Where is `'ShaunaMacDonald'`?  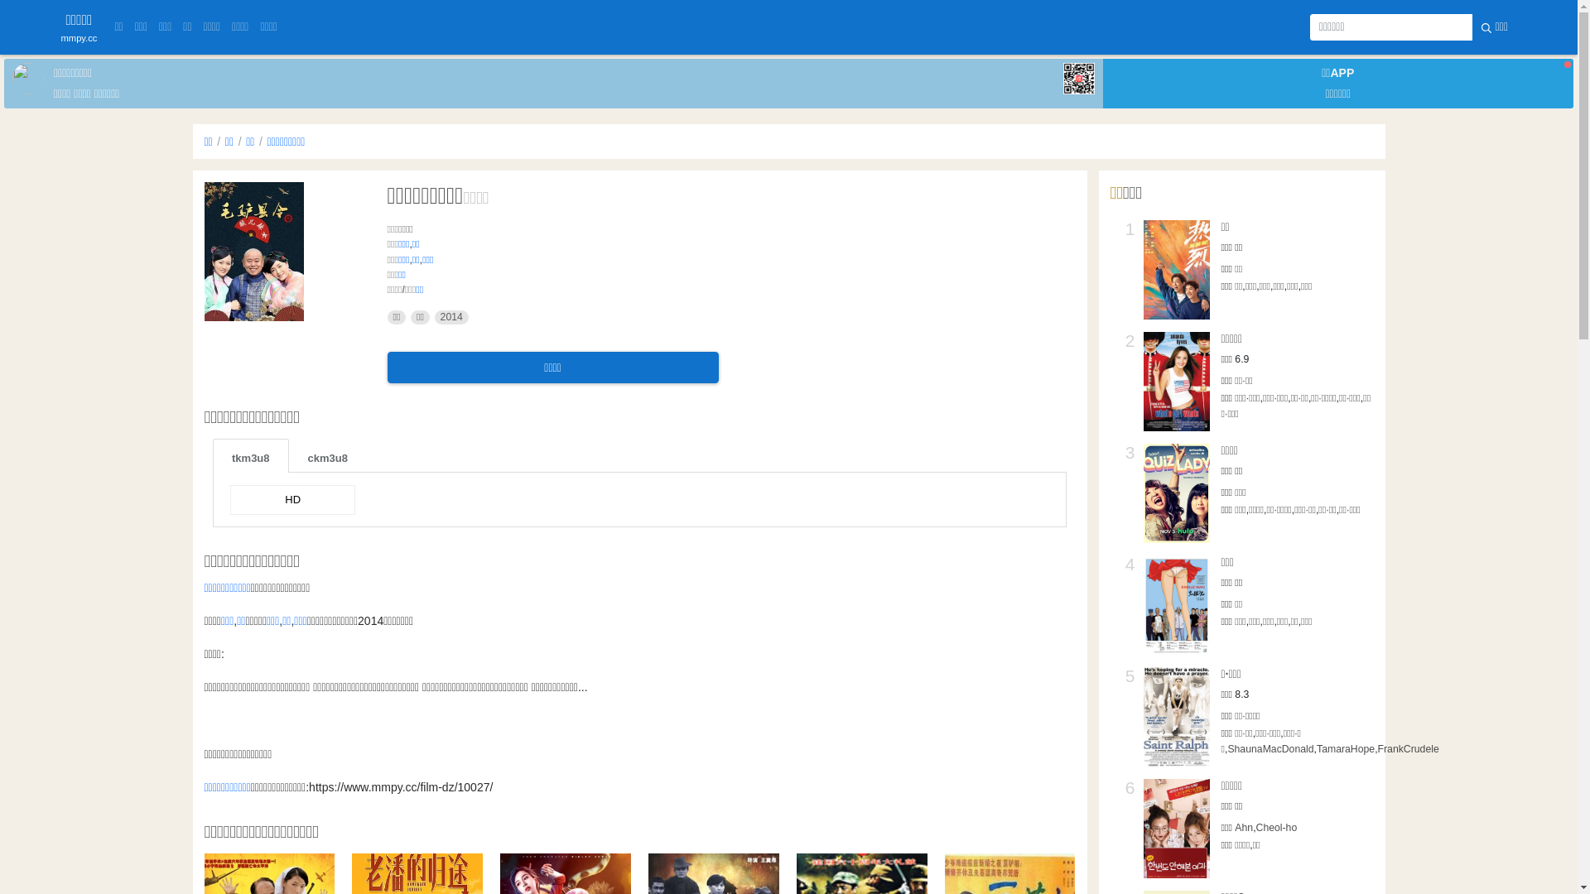 'ShaunaMacDonald' is located at coordinates (1270, 749).